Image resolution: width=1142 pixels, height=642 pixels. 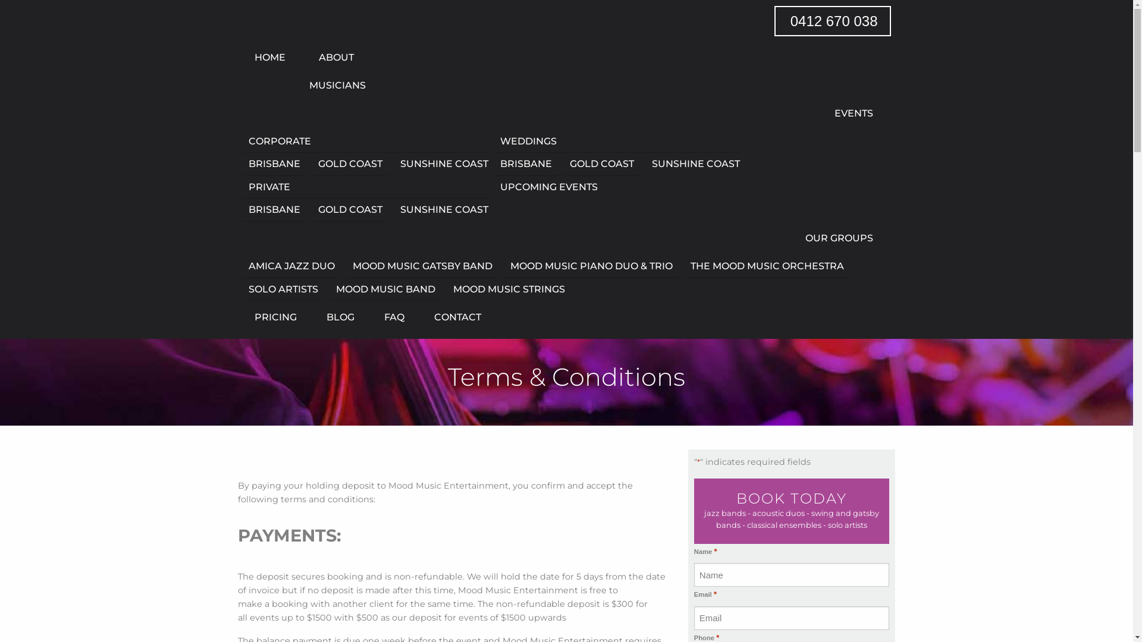 What do you see at coordinates (394, 316) in the screenshot?
I see `'FAQ'` at bounding box center [394, 316].